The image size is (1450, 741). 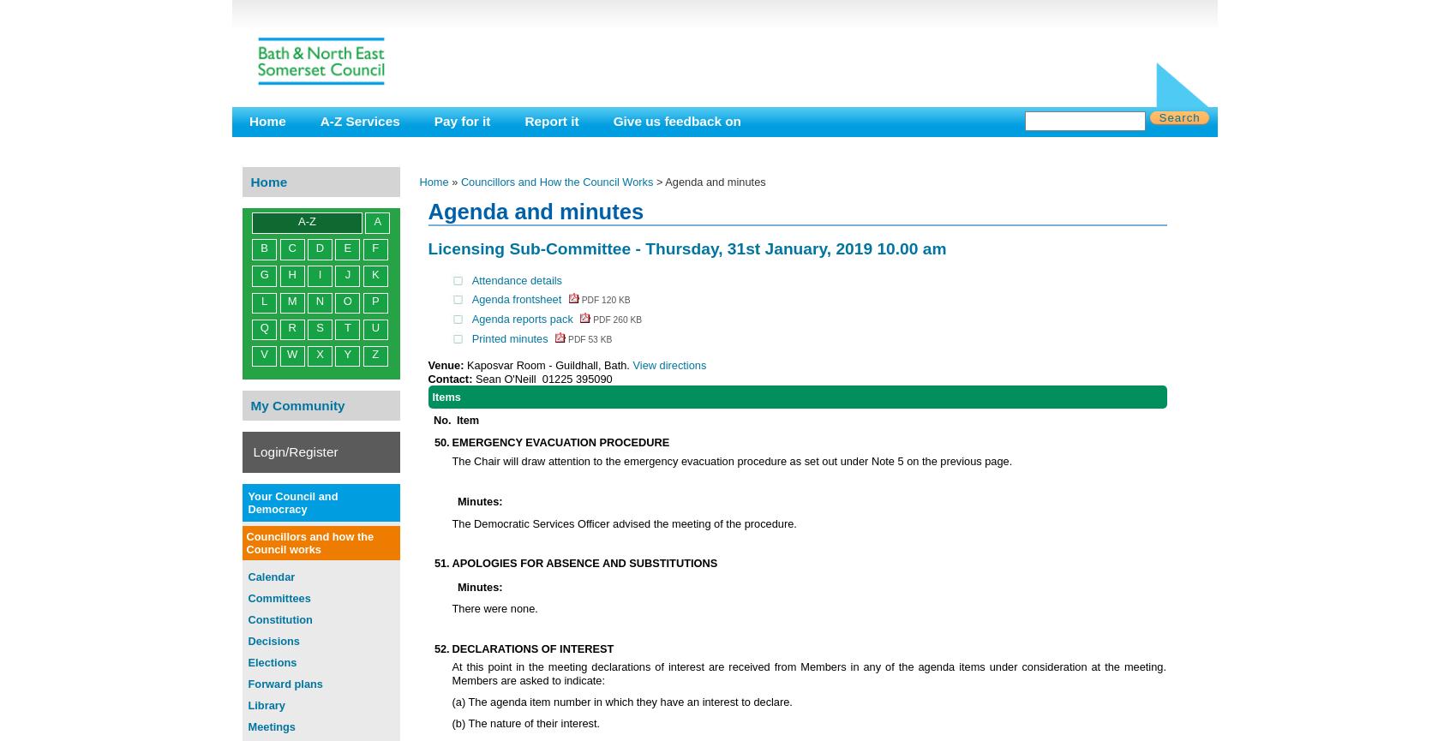 I want to click on '(b) The nature of their interest.', so click(x=524, y=722).